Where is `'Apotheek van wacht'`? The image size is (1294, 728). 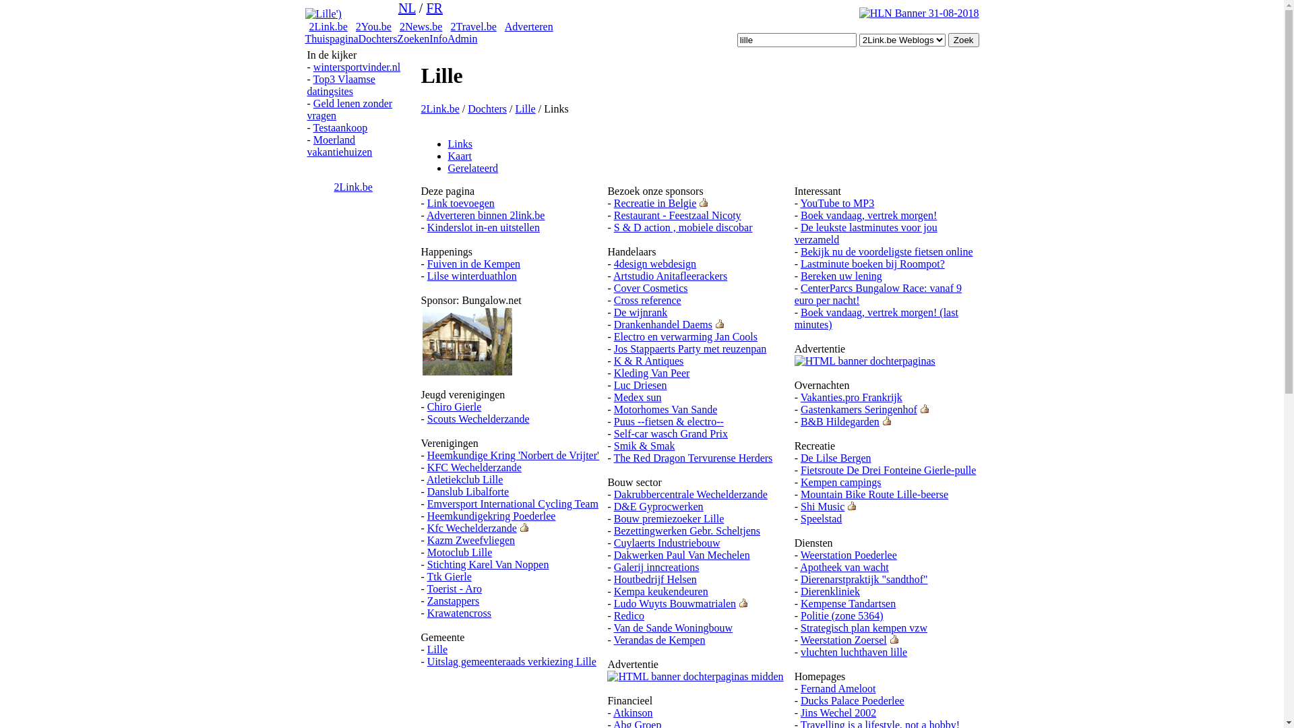
'Apotheek van wacht' is located at coordinates (799, 567).